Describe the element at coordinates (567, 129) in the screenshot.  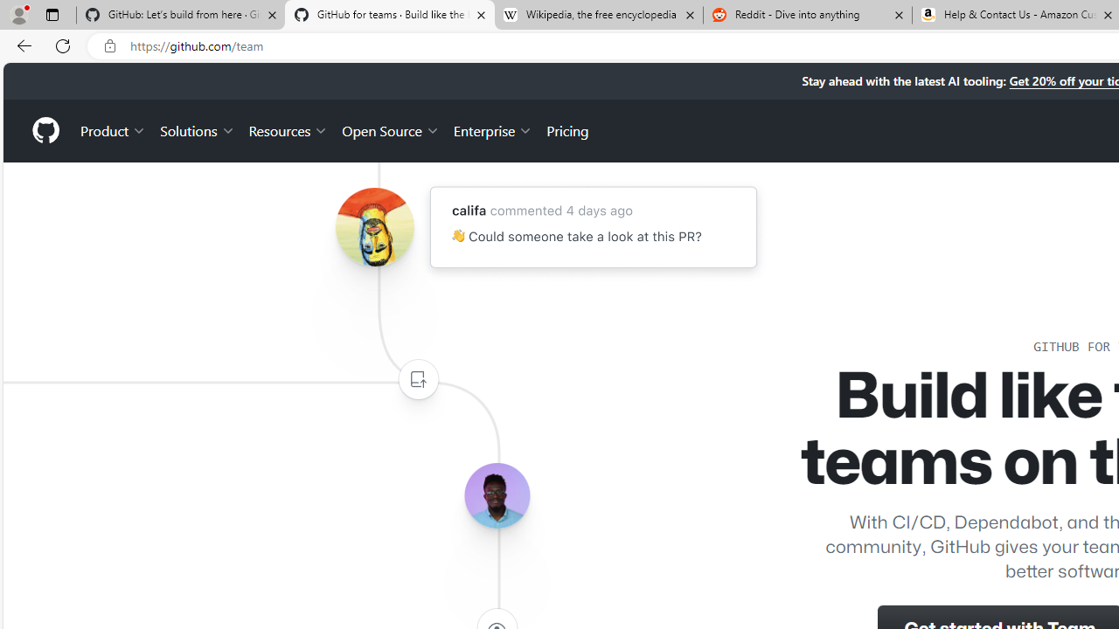
I see `'Pricing'` at that location.